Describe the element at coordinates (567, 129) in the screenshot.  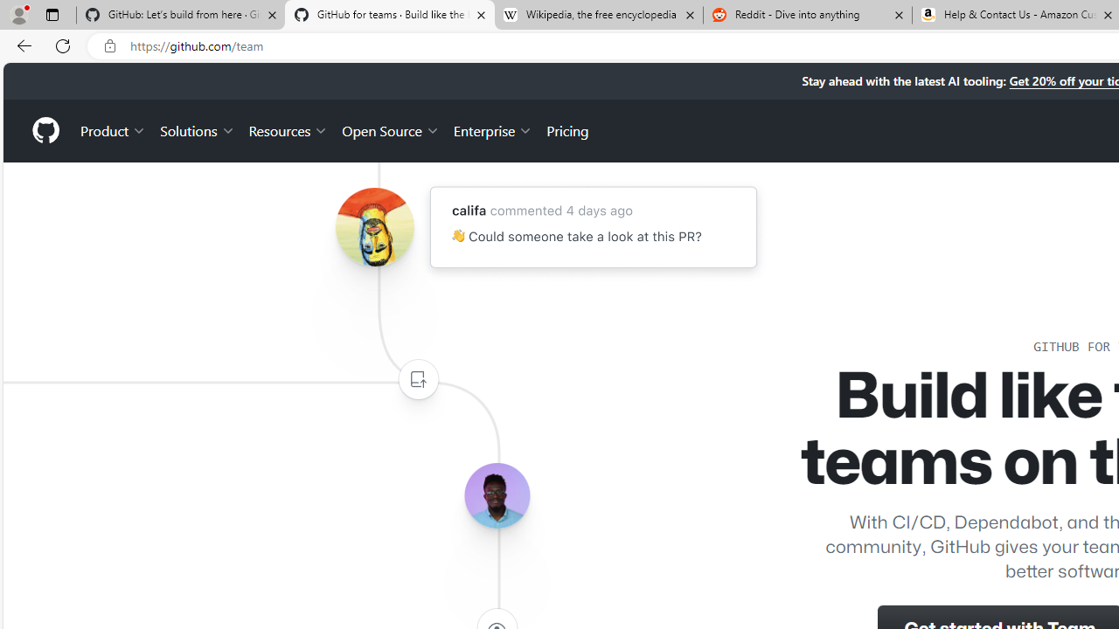
I see `'Pricing'` at that location.